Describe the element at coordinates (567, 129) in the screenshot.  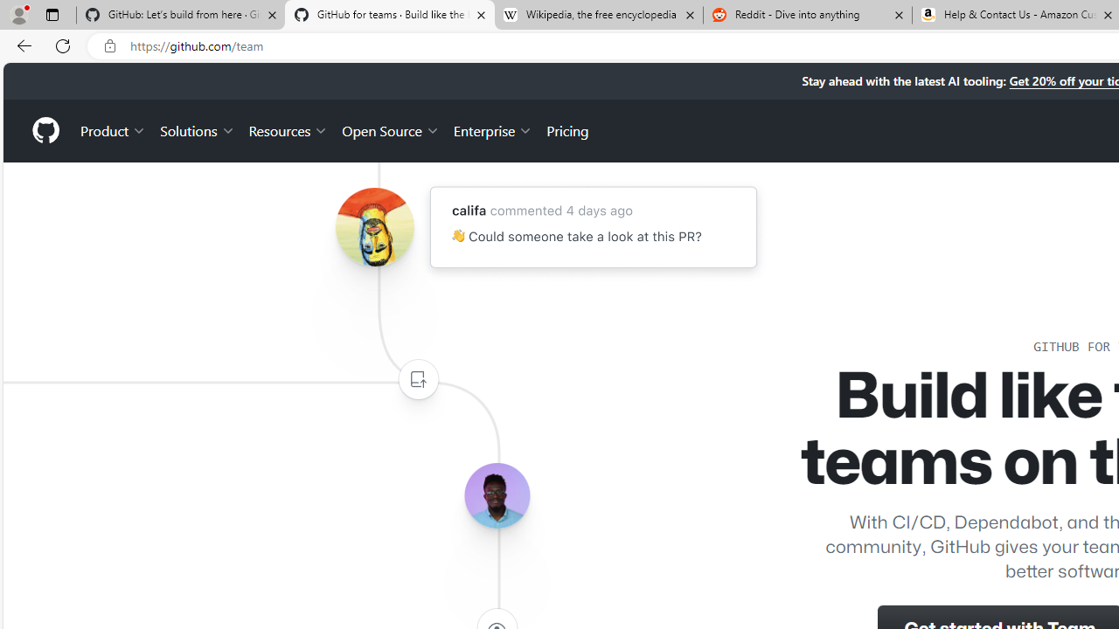
I see `'Pricing'` at that location.